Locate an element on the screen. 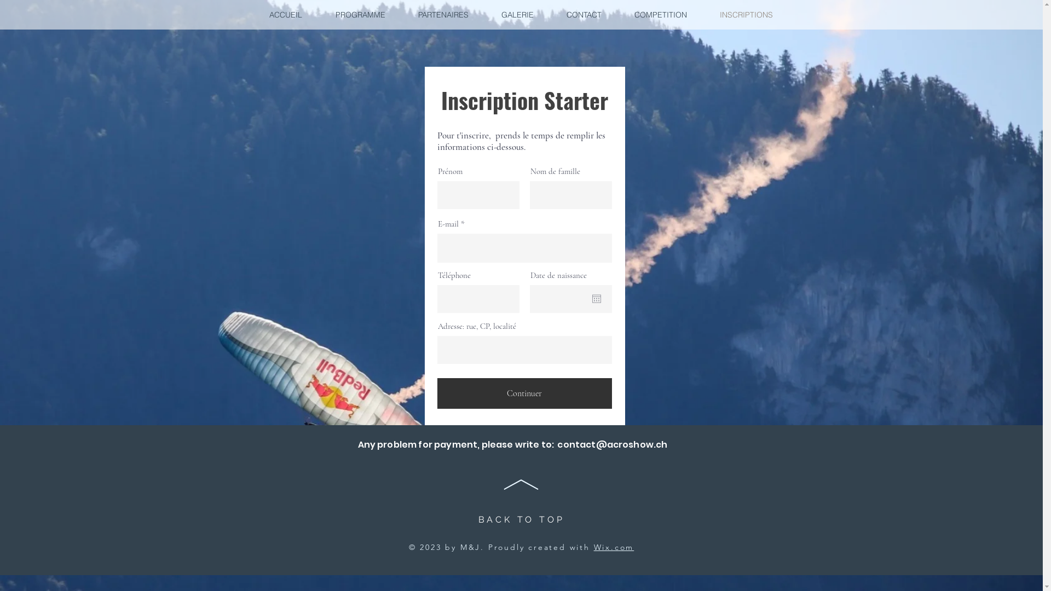 This screenshot has width=1051, height=591. 'BACK TO TOP' is located at coordinates (521, 519).